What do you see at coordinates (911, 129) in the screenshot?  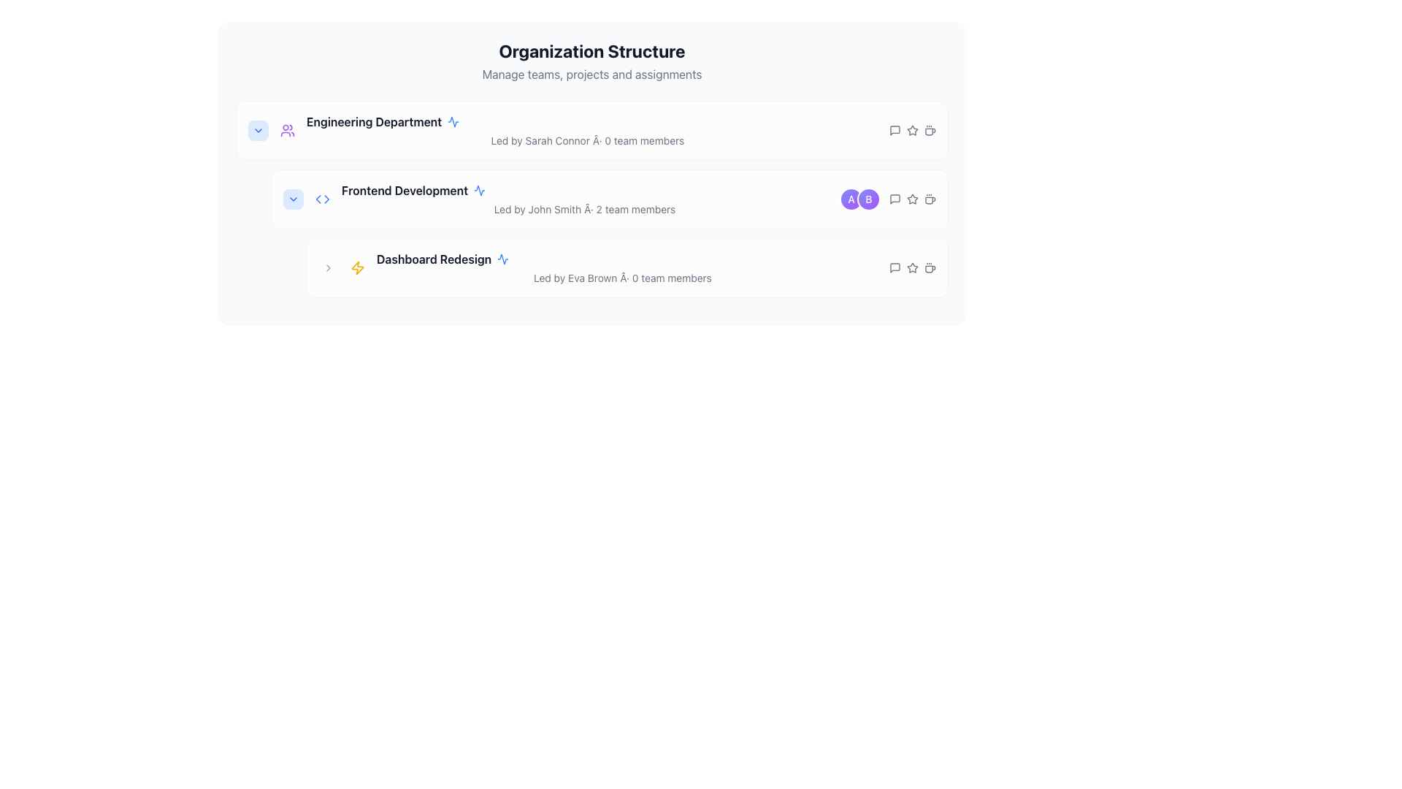 I see `the star-shaped icon with a thin and rounded outline to mark or unmark it` at bounding box center [911, 129].